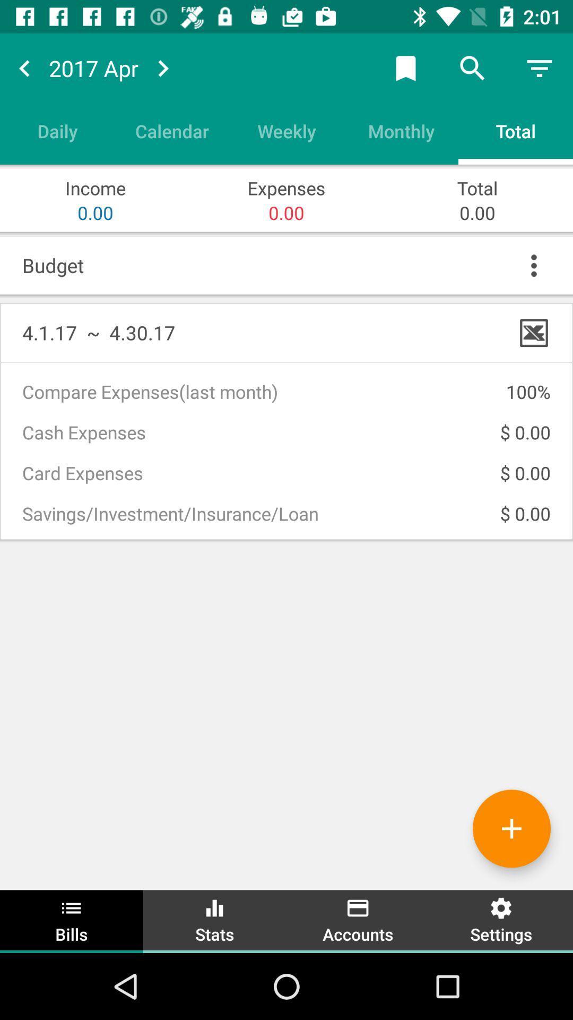 Image resolution: width=573 pixels, height=1020 pixels. Describe the element at coordinates (405, 67) in the screenshot. I see `bookmark` at that location.